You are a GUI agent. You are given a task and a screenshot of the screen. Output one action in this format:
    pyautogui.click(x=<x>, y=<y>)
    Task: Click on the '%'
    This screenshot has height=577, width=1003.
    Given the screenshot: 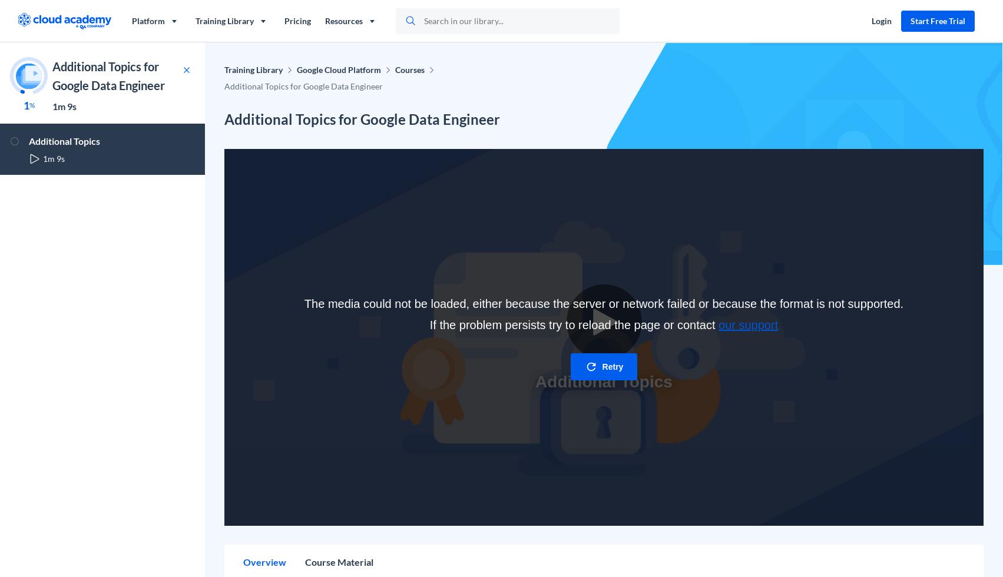 What is the action you would take?
    pyautogui.click(x=31, y=105)
    